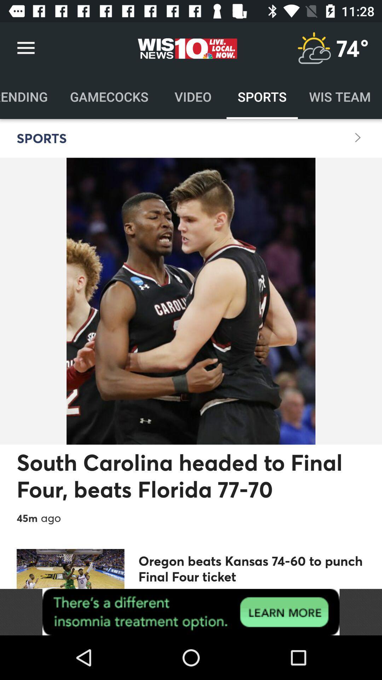 Image resolution: width=382 pixels, height=680 pixels. Describe the element at coordinates (191, 612) in the screenshot. I see `visit insomnia website` at that location.